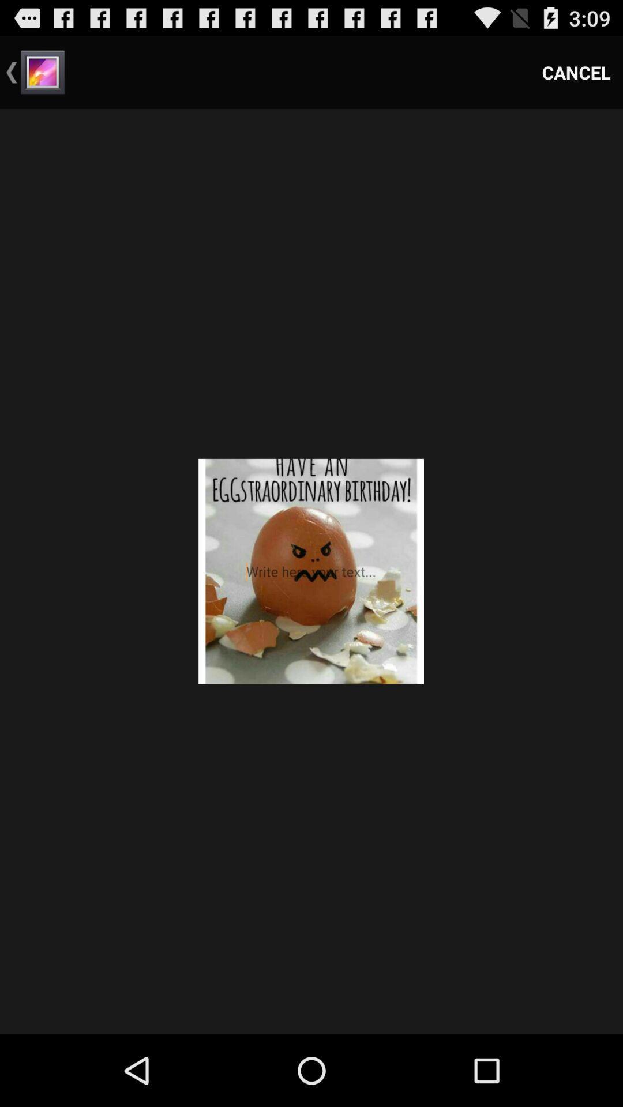  Describe the element at coordinates (576, 71) in the screenshot. I see `cancel` at that location.